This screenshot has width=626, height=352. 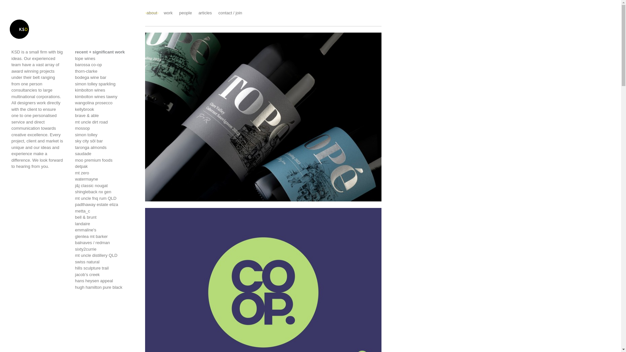 What do you see at coordinates (104, 211) in the screenshot?
I see `'metta_c'` at bounding box center [104, 211].